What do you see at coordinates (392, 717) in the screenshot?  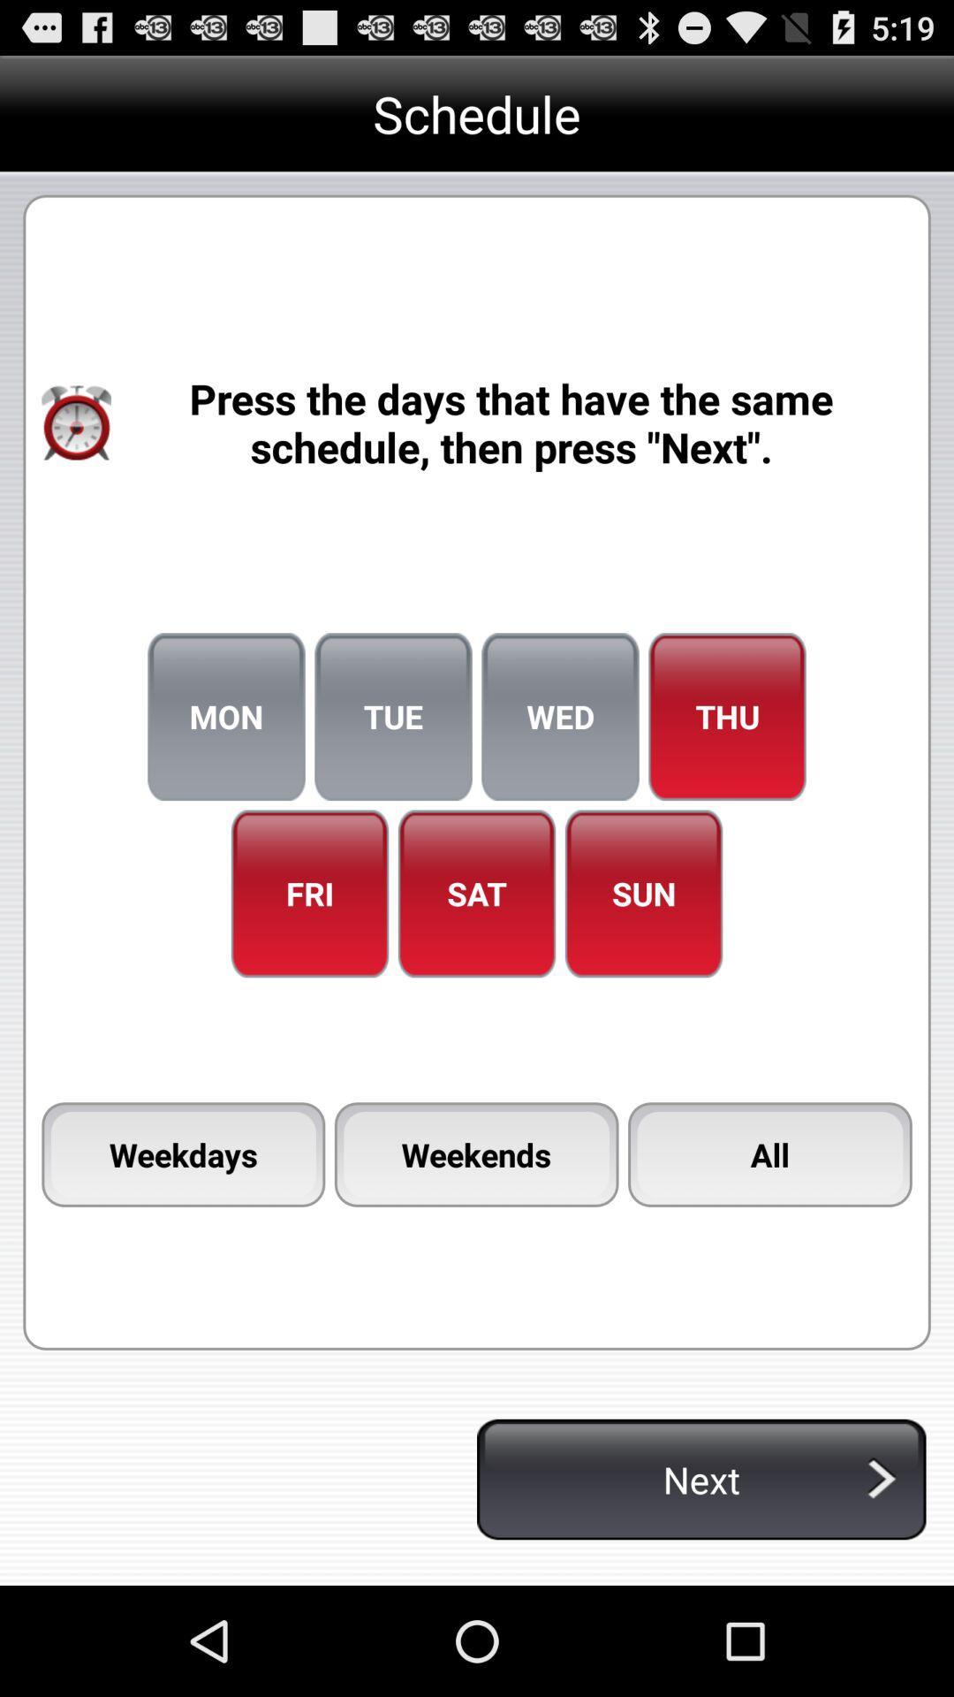 I see `the icon below the press the days` at bounding box center [392, 717].